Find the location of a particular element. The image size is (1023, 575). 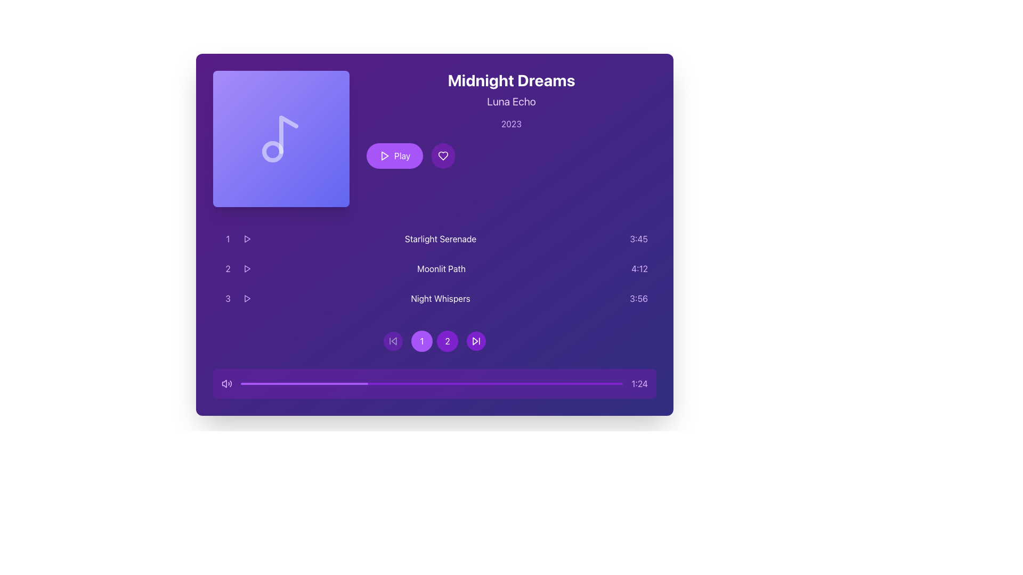

the play button icon for the first track 'Starlight Serenade', located next to the numeral '1' and above the song duration '3:45' is located at coordinates (247, 238).